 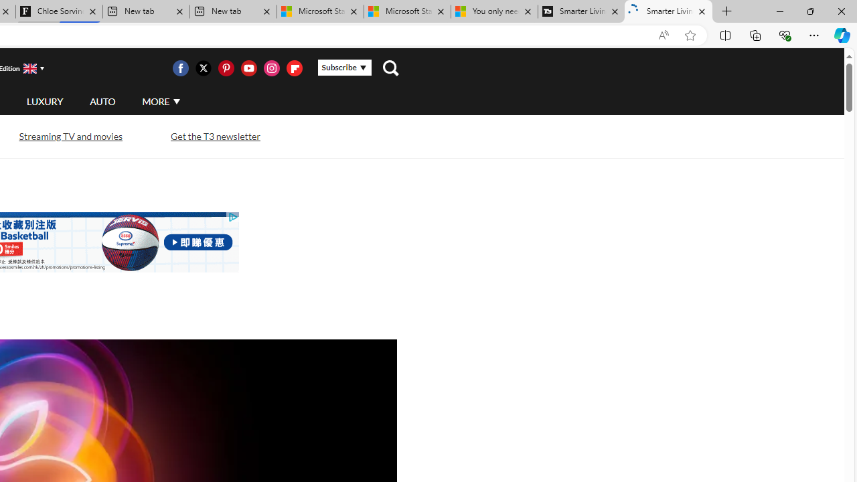 I want to click on 'Class: icon-svg', so click(x=293, y=68).